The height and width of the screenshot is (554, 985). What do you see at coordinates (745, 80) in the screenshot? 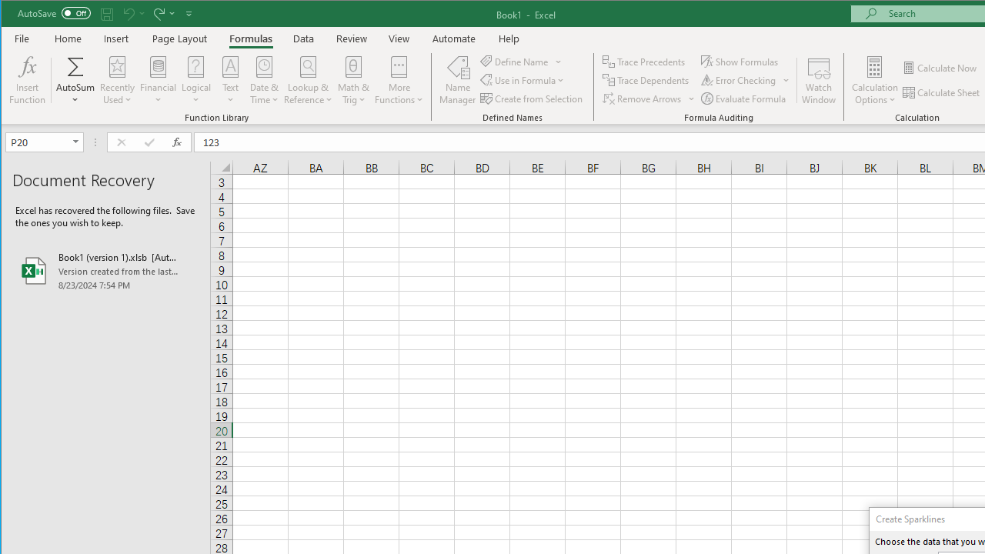
I see `'Error Checking...'` at bounding box center [745, 80].